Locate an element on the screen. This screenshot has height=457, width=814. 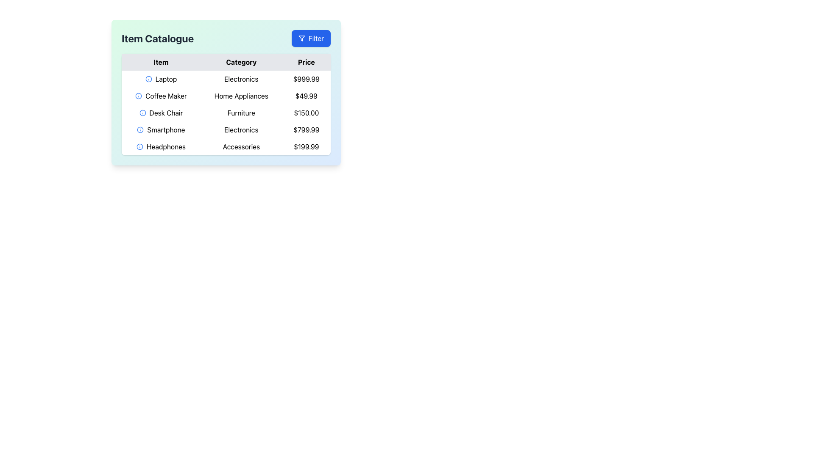
the price label displaying '$49.99' located under the 'Price' column in the 'Coffee Maker' row of the table is located at coordinates (306, 96).